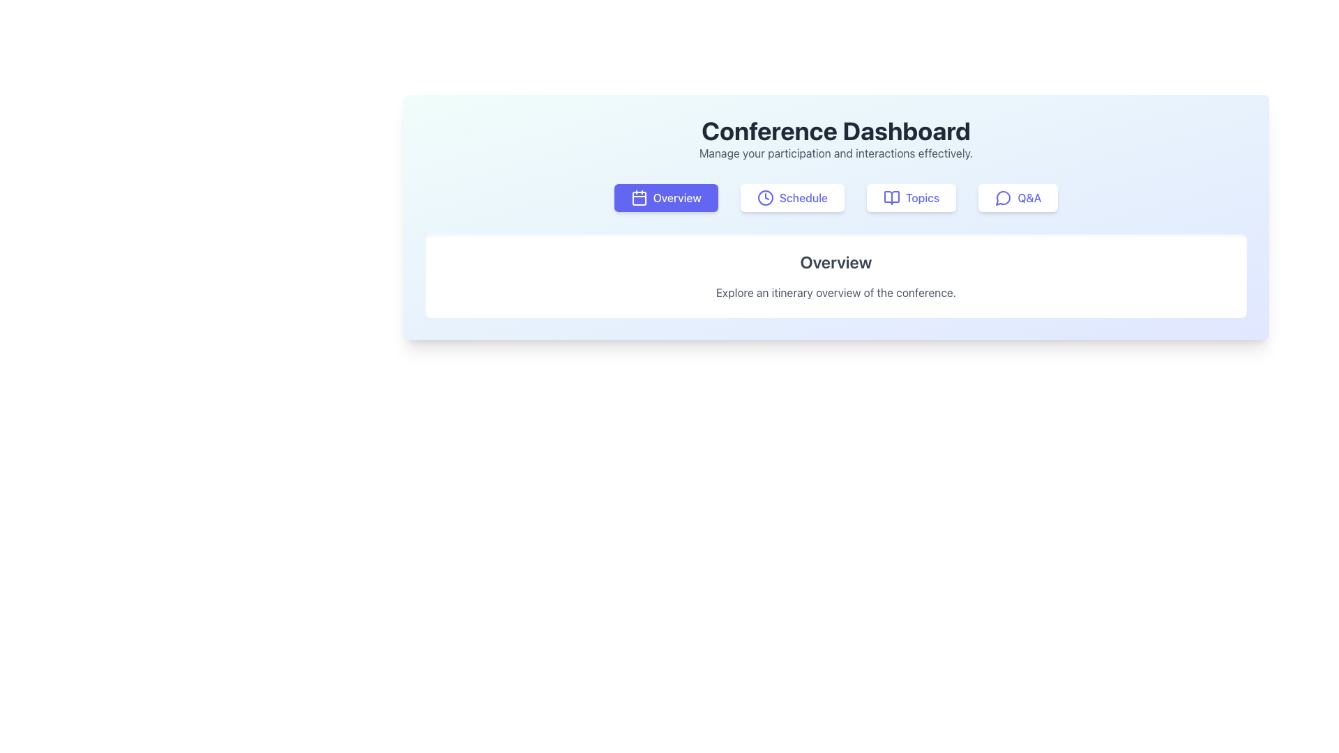 The height and width of the screenshot is (753, 1339). What do you see at coordinates (677, 198) in the screenshot?
I see `the text 'Overview' which is centrally located within the blue button labeled 'Overview', styled in bold white font` at bounding box center [677, 198].